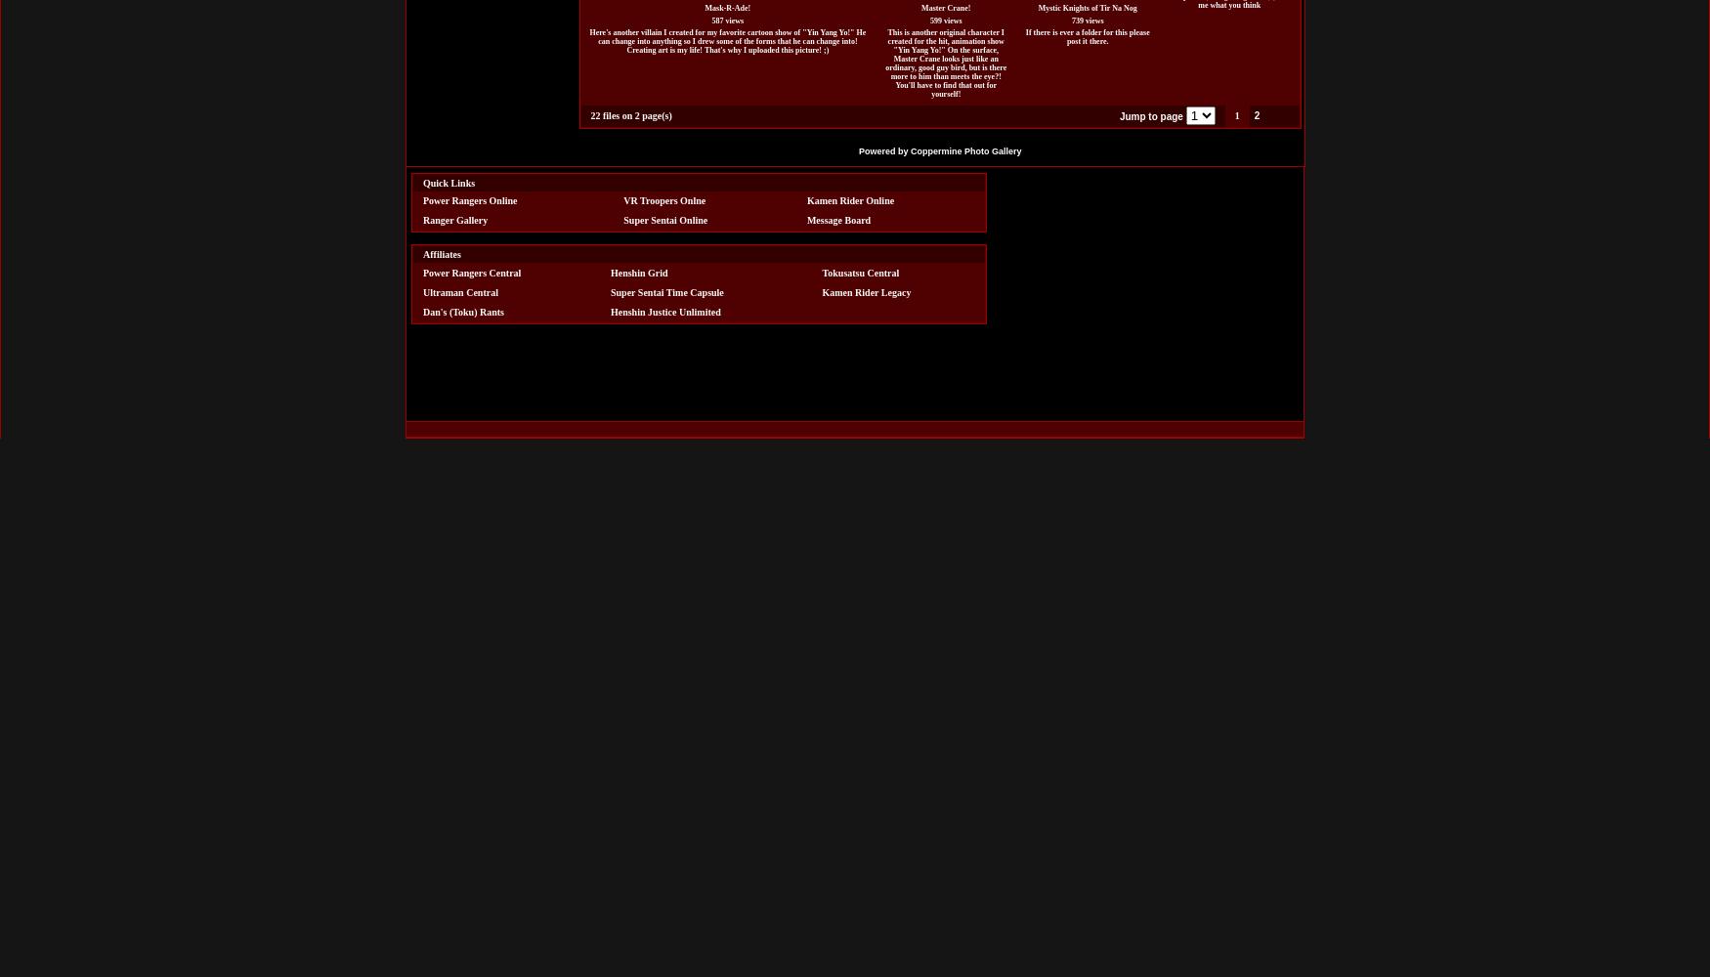  What do you see at coordinates (727, 7) in the screenshot?
I see `'Mask-R-Ade!'` at bounding box center [727, 7].